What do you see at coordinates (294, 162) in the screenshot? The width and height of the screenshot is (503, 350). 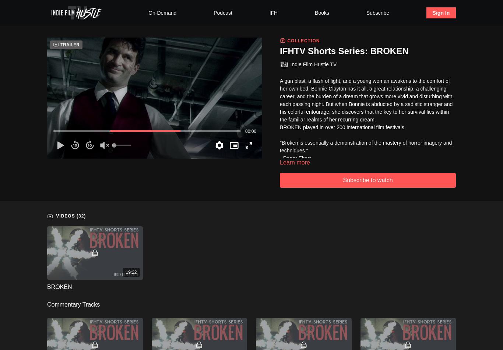 I see `'Learn more'` at bounding box center [294, 162].